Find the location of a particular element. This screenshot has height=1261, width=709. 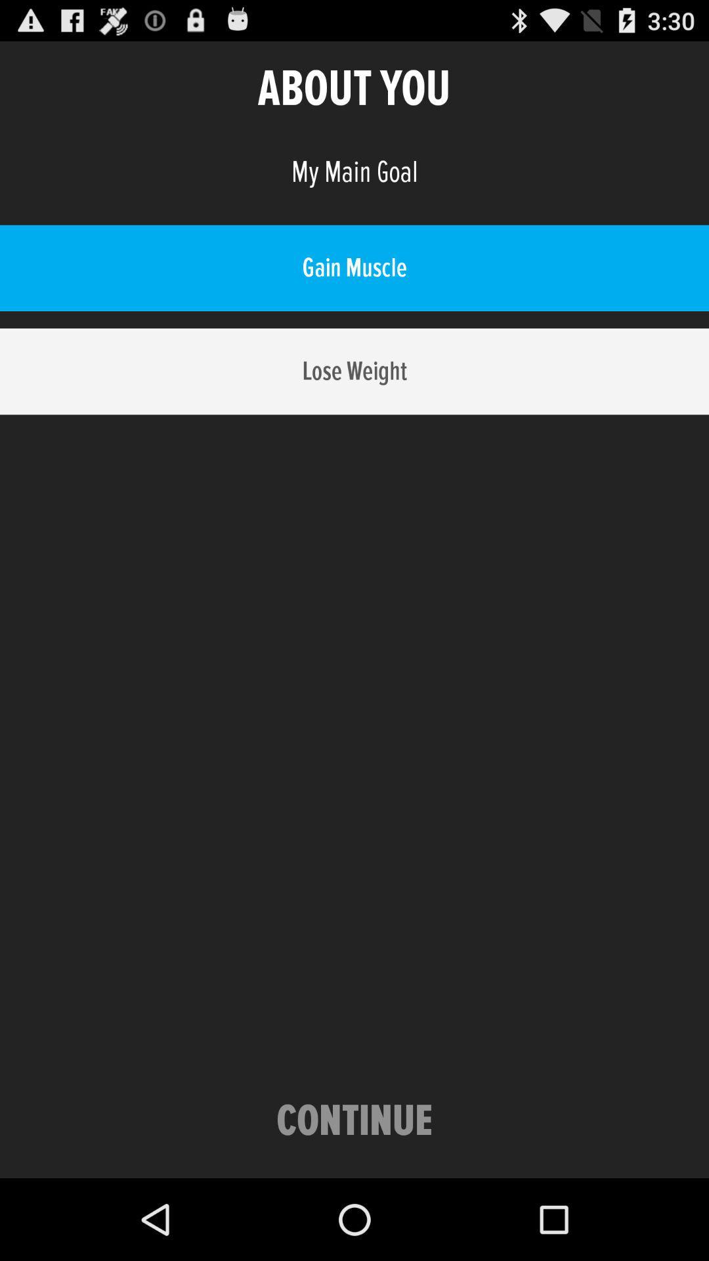

icon at the bottom is located at coordinates (354, 1121).